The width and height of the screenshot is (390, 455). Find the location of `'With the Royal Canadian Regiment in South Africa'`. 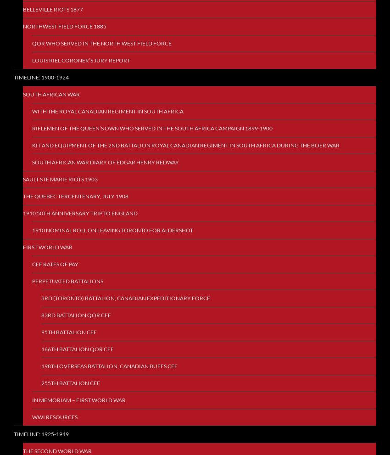

'With the Royal Canadian Regiment in South Africa' is located at coordinates (108, 111).